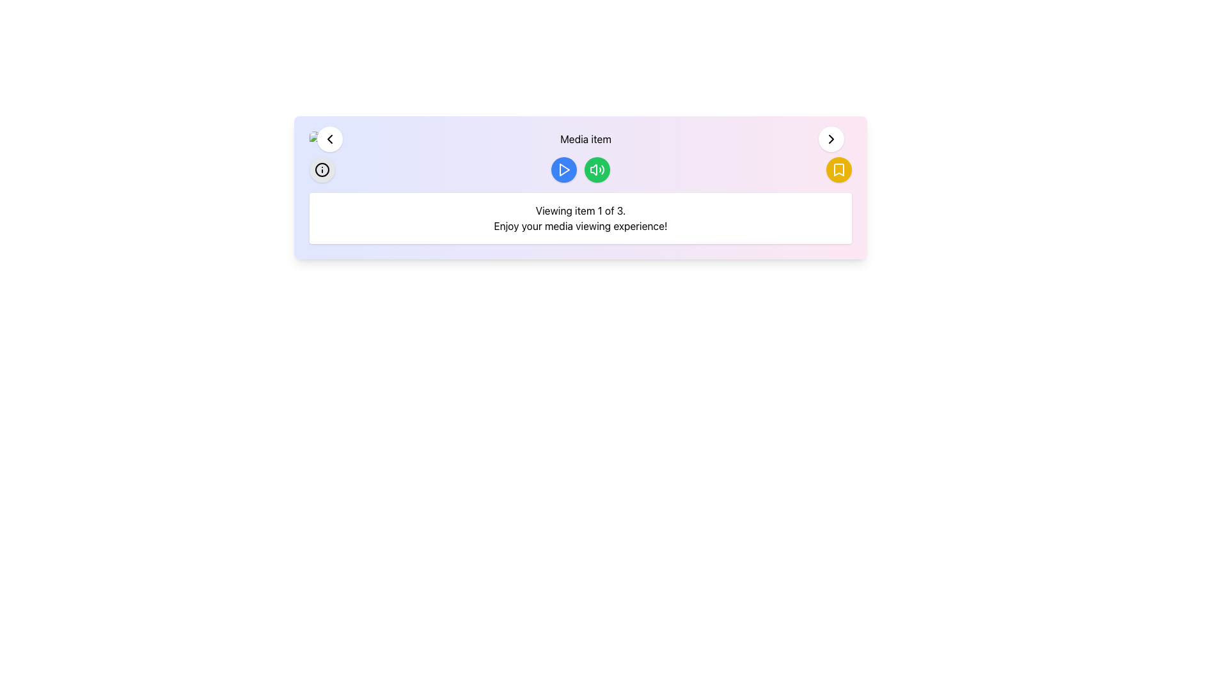 This screenshot has width=1228, height=690. What do you see at coordinates (838, 169) in the screenshot?
I see `the bookmark icon, which is located near the middle of the right-hand side of the interface` at bounding box center [838, 169].